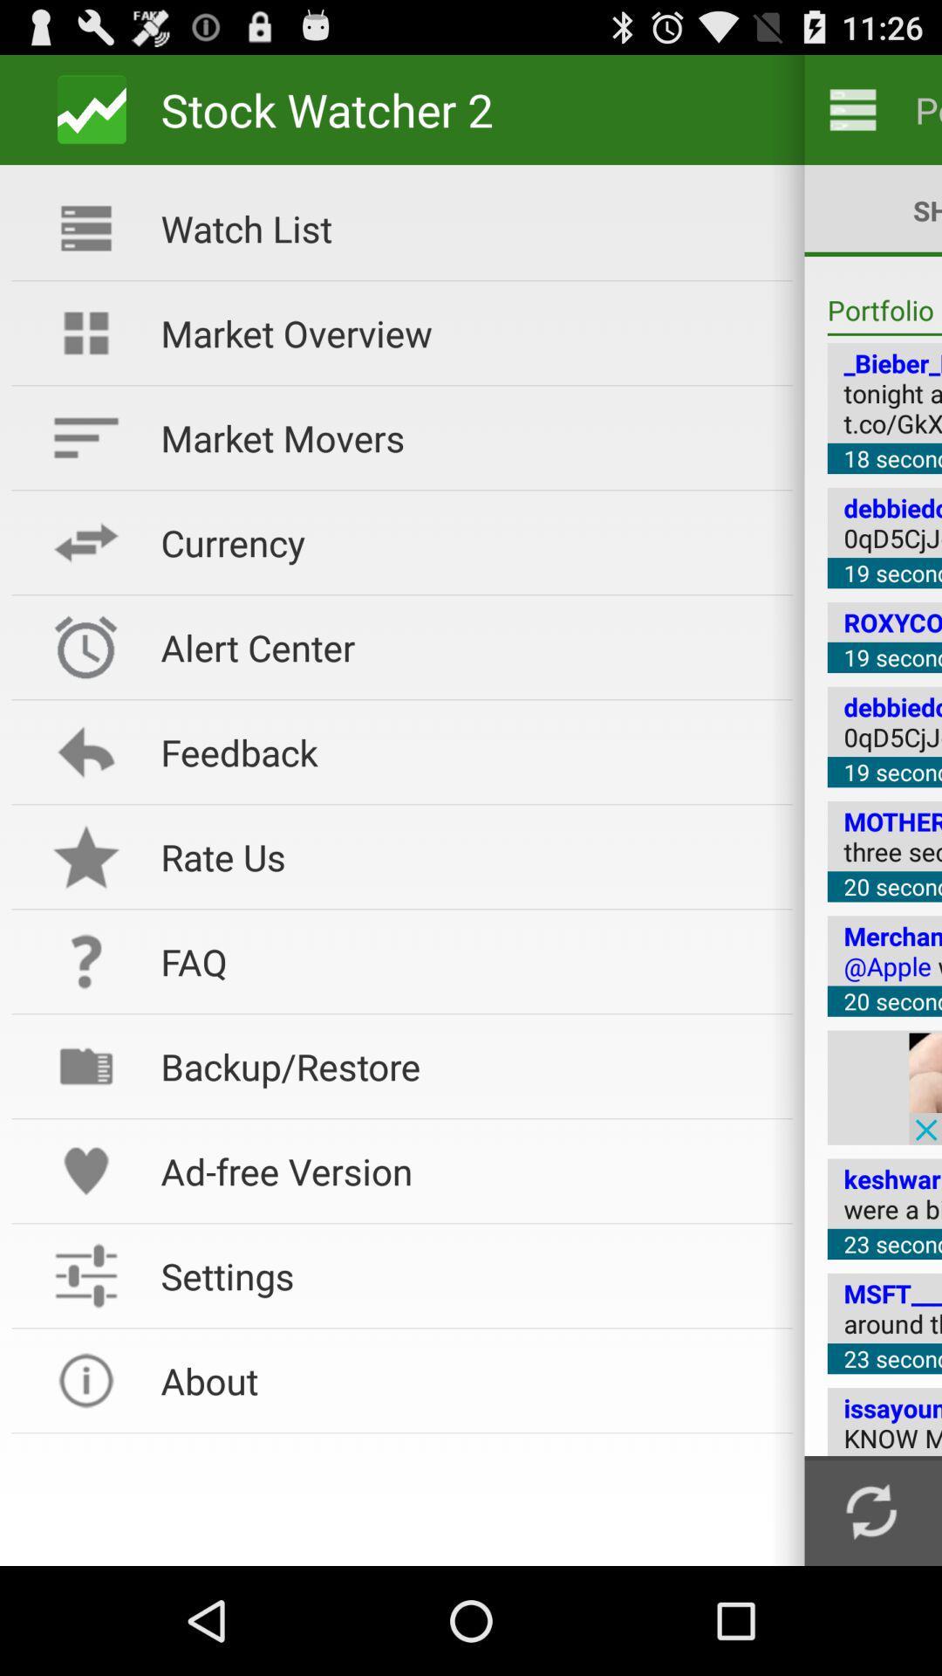 The width and height of the screenshot is (942, 1676). I want to click on see advertisement, so click(925, 1087).